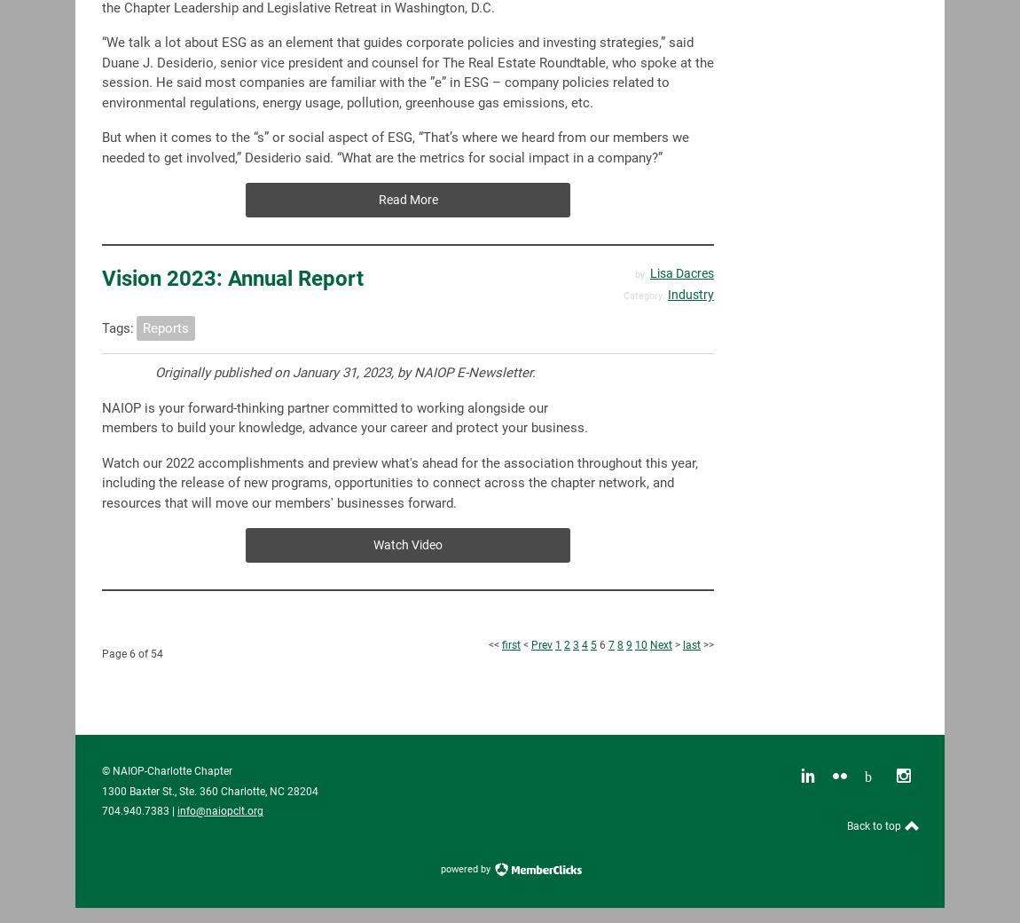 This screenshot has height=923, width=1020. Describe the element at coordinates (209, 789) in the screenshot. I see `'1300 Baxter St., Ste. 360 Charlotte, NC 28204'` at that location.